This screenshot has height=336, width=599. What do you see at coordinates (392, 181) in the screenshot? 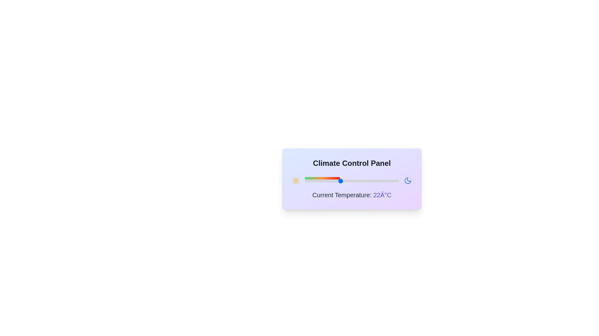
I see `the temperature` at bounding box center [392, 181].